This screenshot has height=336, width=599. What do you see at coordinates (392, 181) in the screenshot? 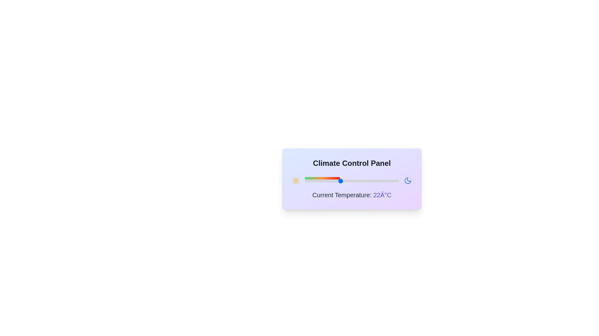
I see `the temperature` at bounding box center [392, 181].